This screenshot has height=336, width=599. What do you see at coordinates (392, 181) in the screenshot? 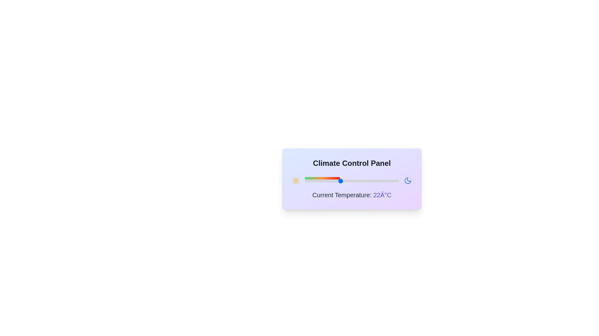
I see `the temperature` at bounding box center [392, 181].